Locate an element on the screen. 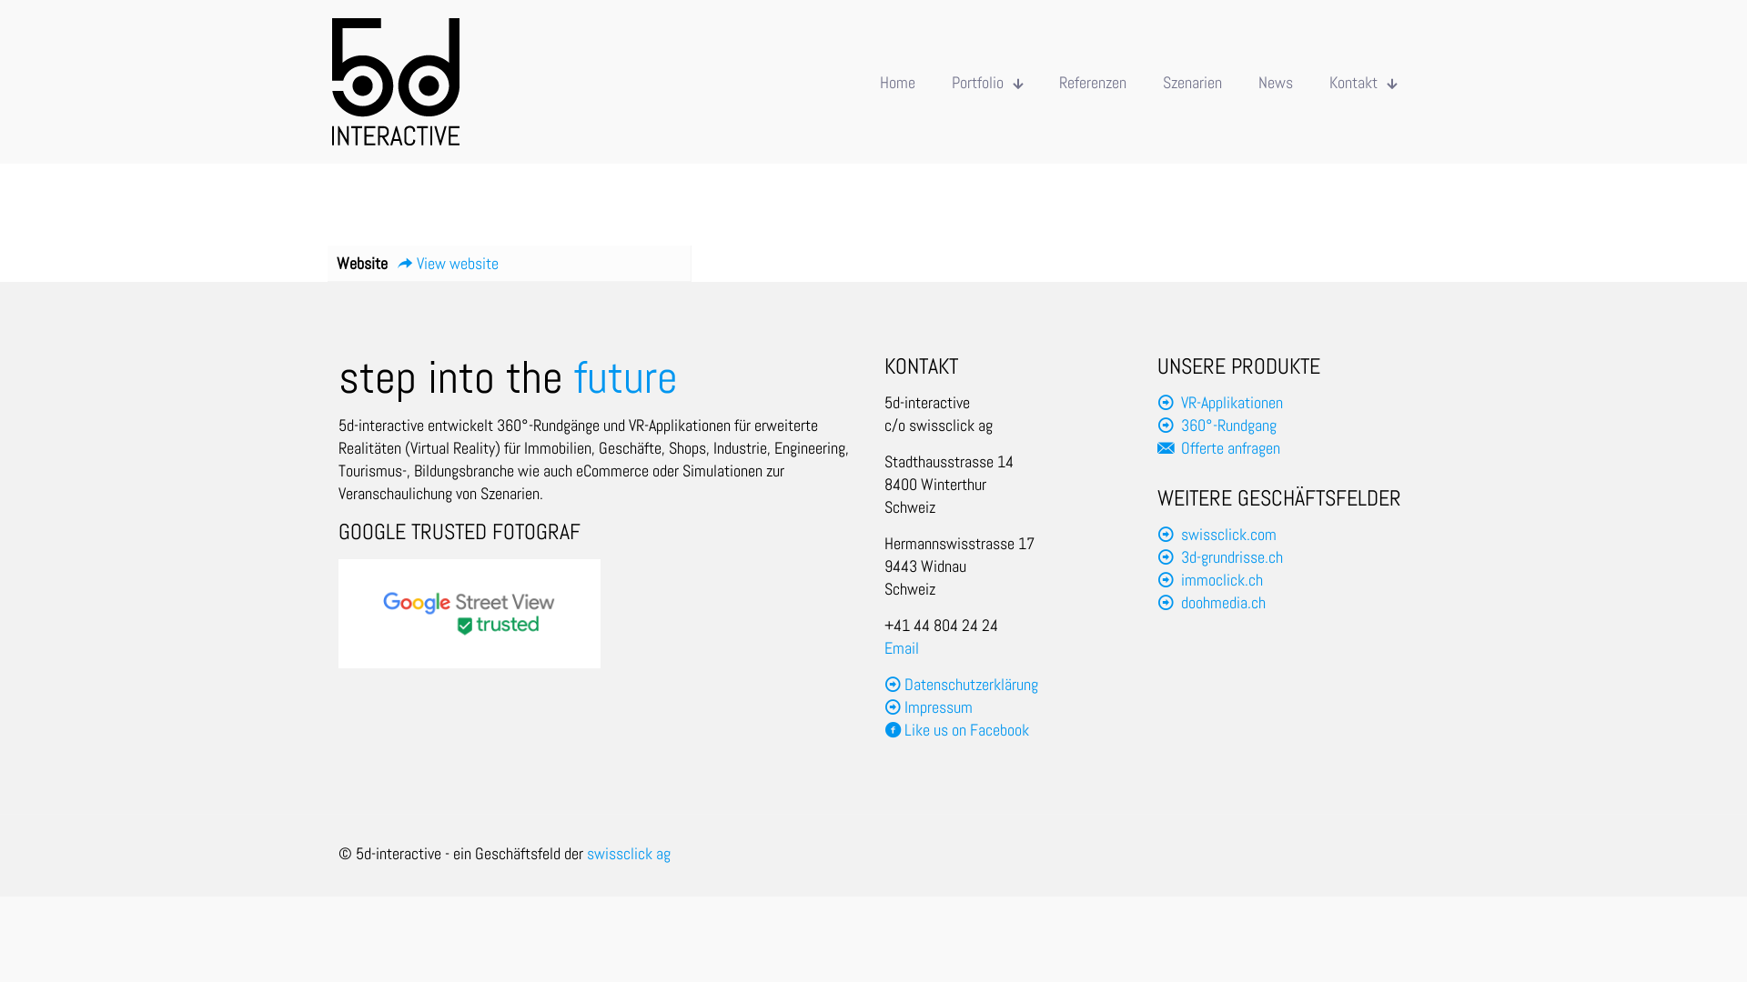  '3d-grundrisse.ch' is located at coordinates (1231, 556).